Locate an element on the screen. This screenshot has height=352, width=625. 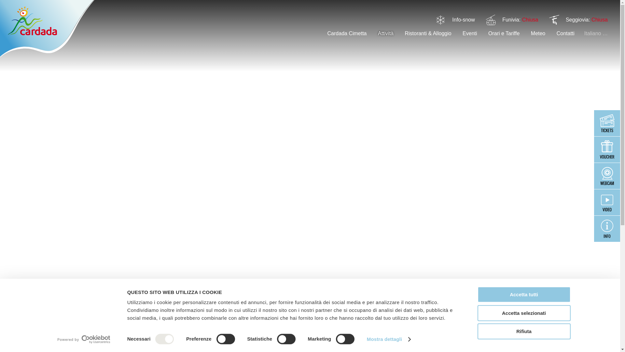
'Eventi' is located at coordinates (470, 33).